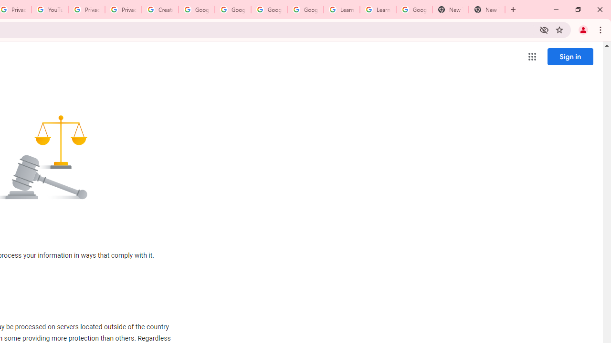 The image size is (611, 343). I want to click on 'Create your Google Account', so click(160, 10).